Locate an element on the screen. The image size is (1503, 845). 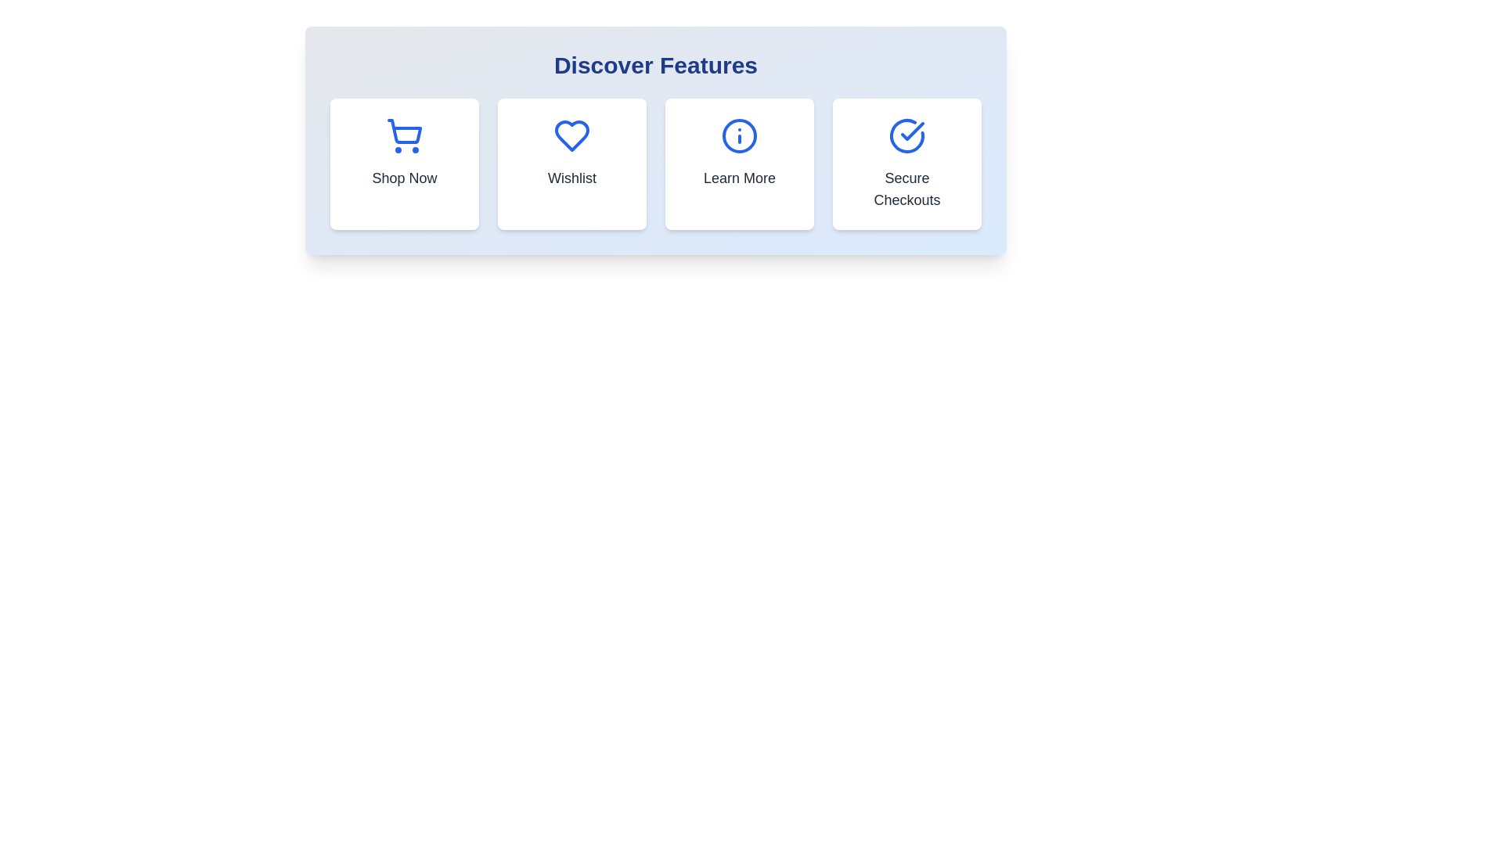
the blue shopping cart icon, which is located within the first card under the heading 'Discover Features' is located at coordinates (405, 135).